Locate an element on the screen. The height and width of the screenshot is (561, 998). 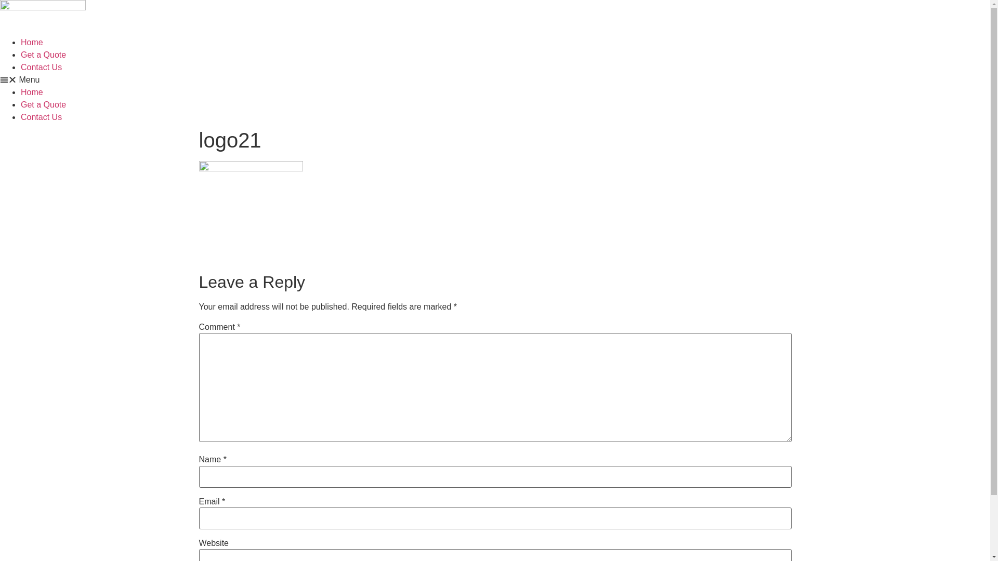
'Get a Quote' is located at coordinates (43, 104).